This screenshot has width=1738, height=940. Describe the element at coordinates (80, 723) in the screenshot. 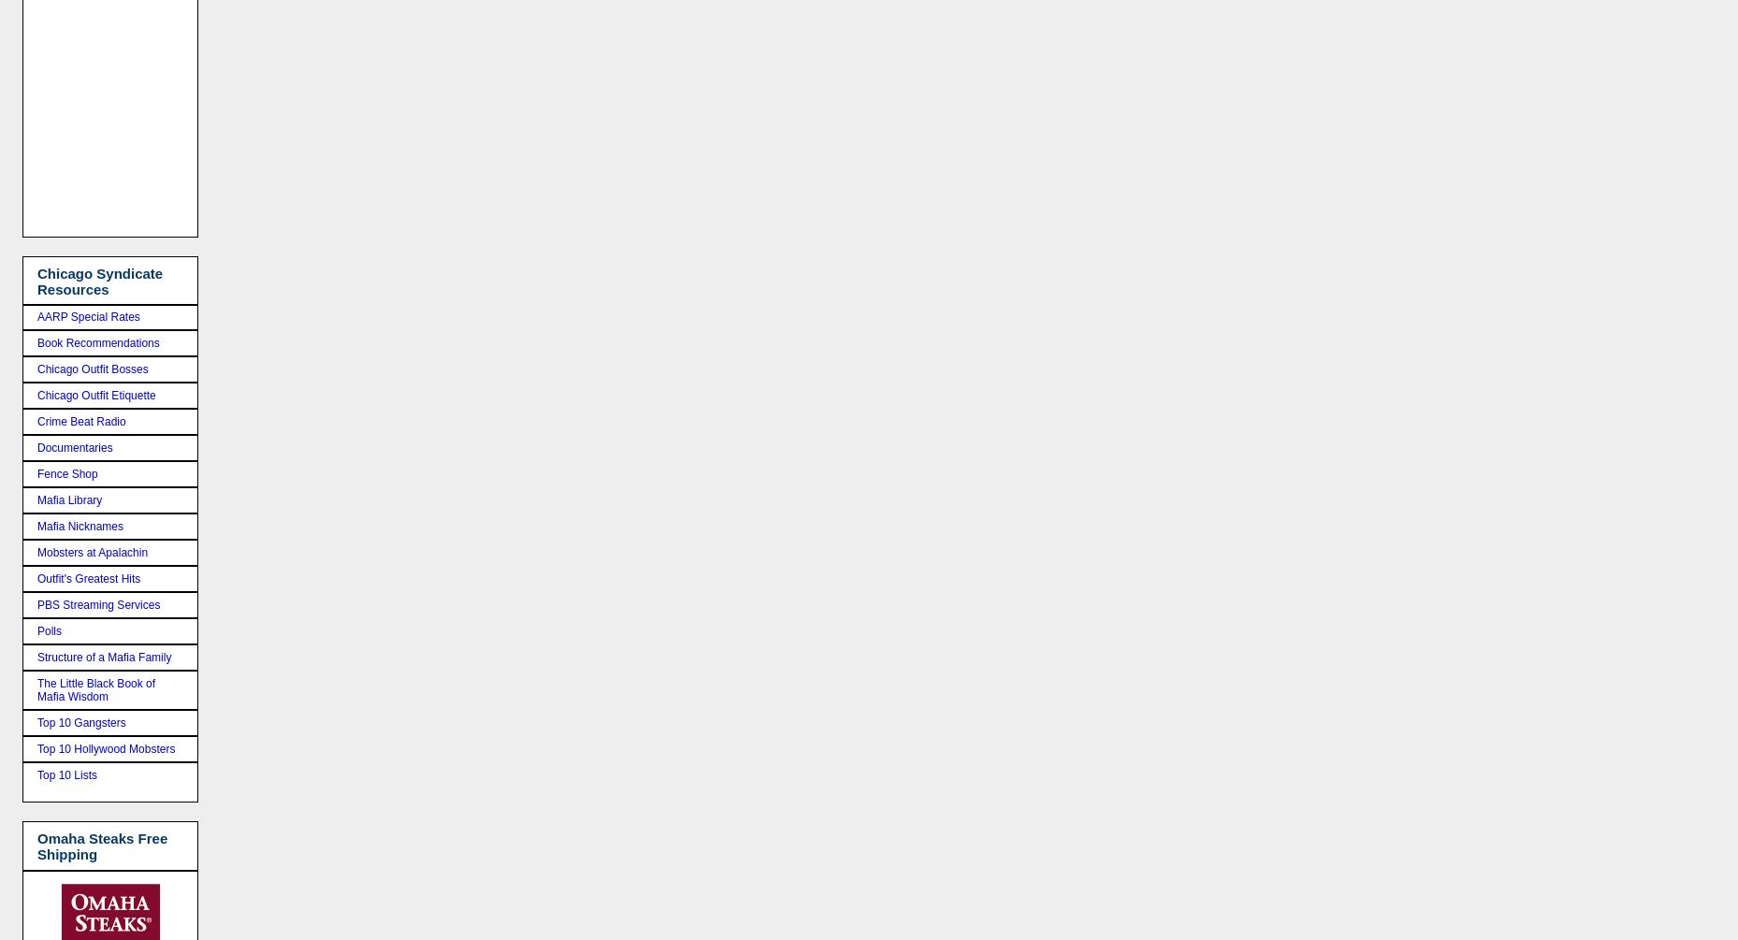

I see `'Top 10 Gangsters'` at that location.